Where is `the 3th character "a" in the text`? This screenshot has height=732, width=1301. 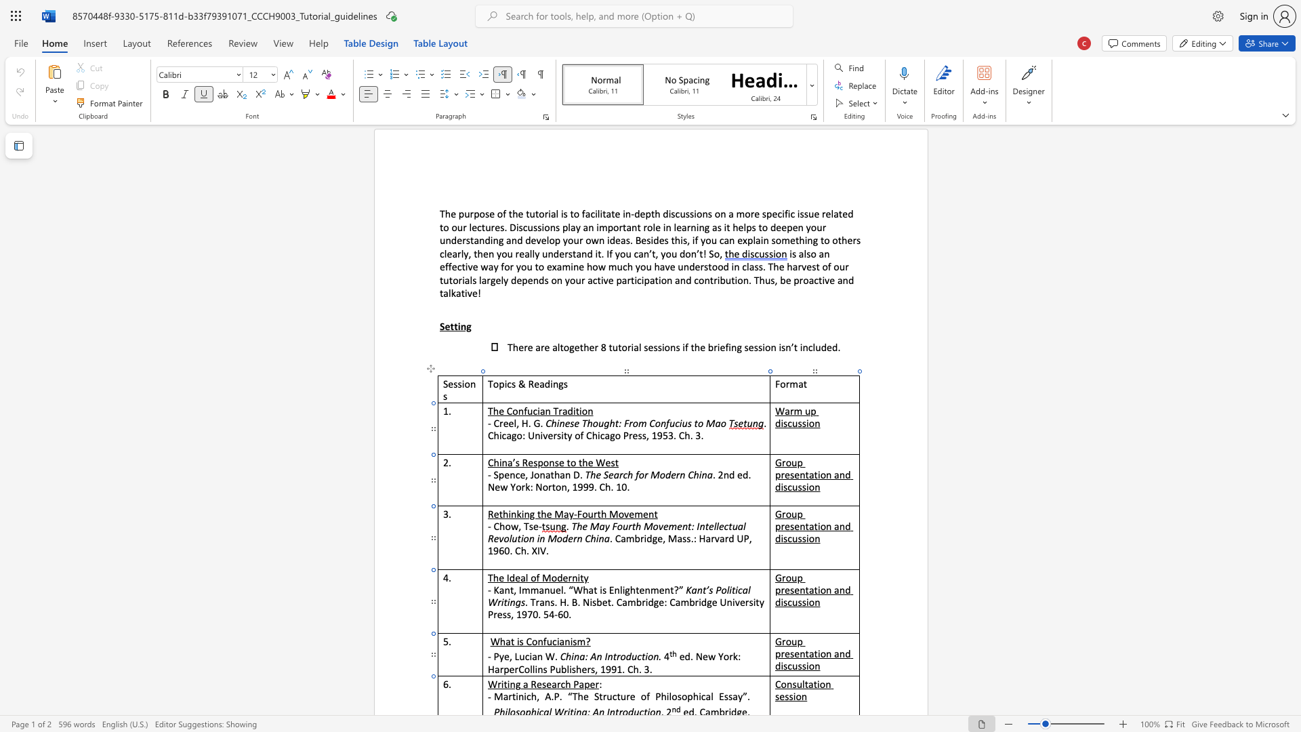 the 3th character "a" in the text is located at coordinates (581, 684).